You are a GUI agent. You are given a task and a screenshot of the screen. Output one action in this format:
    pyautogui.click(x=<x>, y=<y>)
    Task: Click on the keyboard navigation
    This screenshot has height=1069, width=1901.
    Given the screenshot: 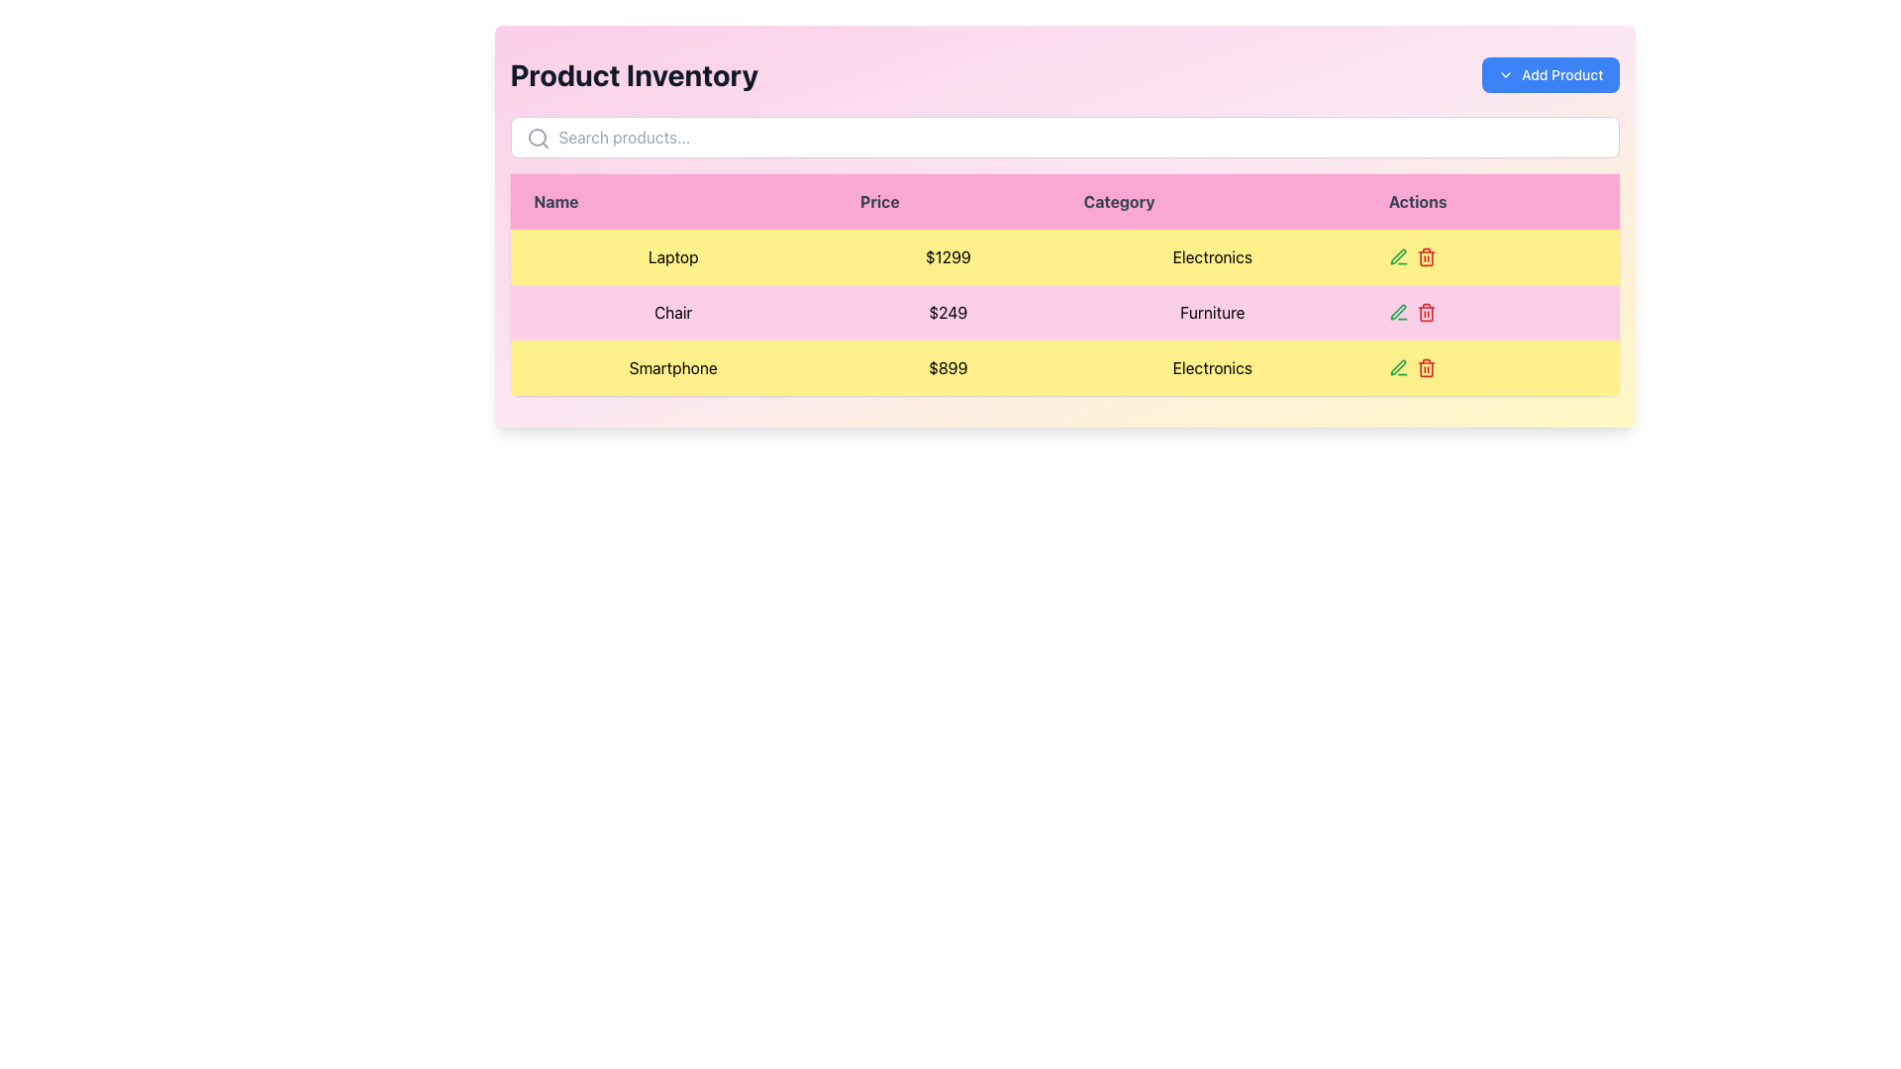 What is the action you would take?
    pyautogui.click(x=1063, y=367)
    